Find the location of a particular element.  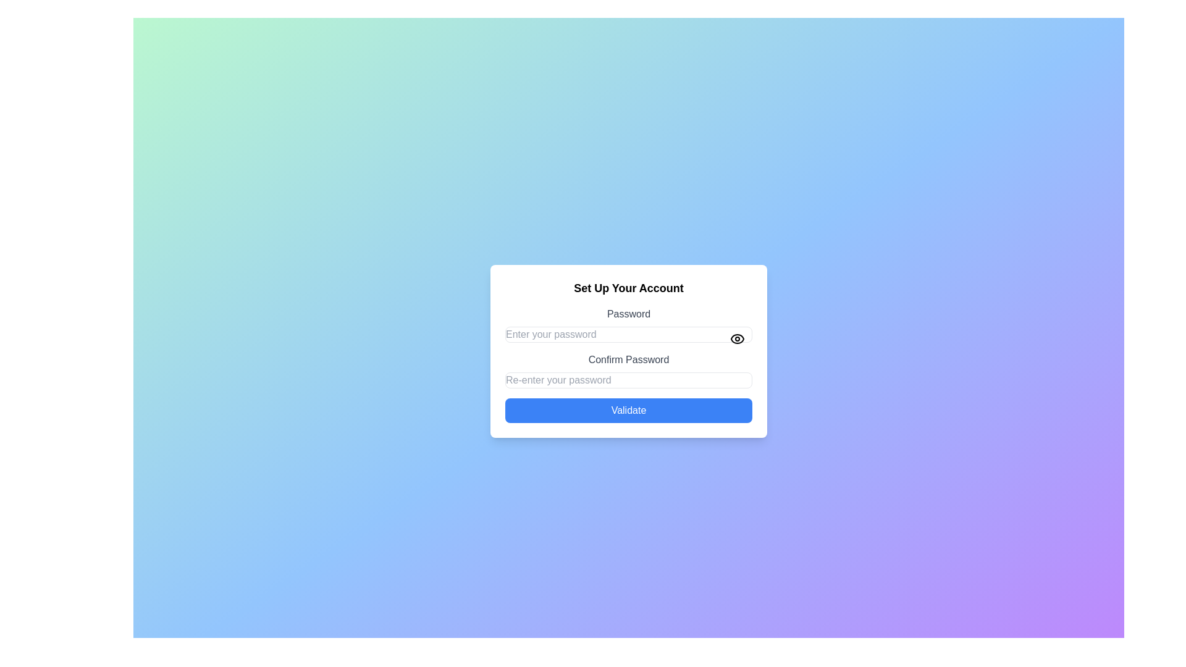

the toggle visibility button located at the top right corner of the 'Enter your password' input field by is located at coordinates (738, 338).